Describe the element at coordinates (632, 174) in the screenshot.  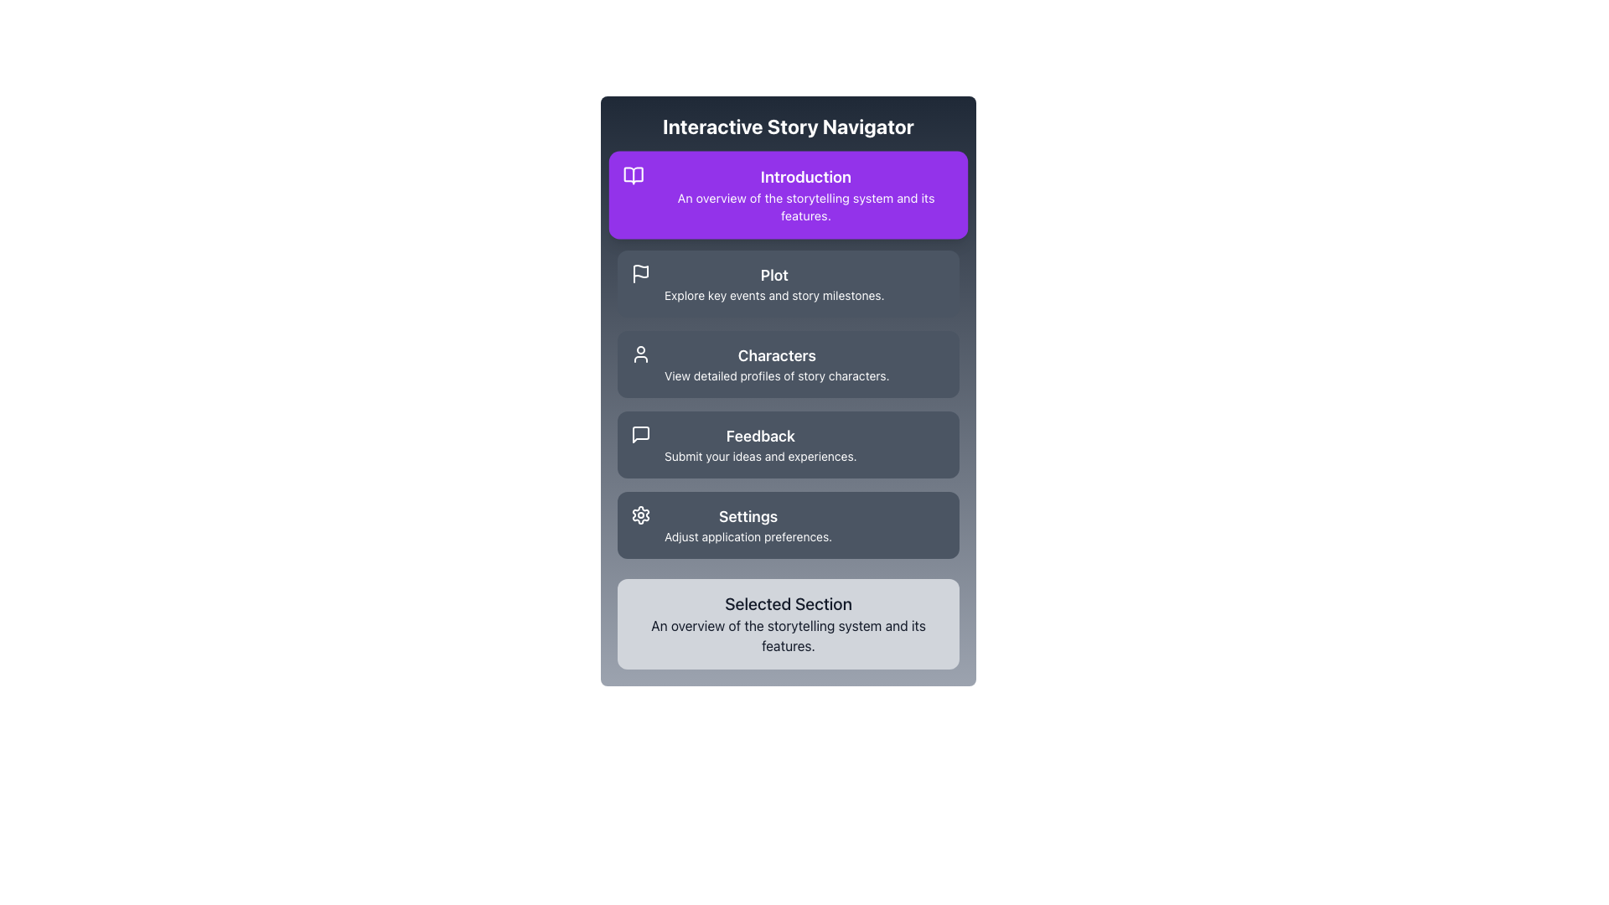
I see `the small book icon outlined in white, located on a purple background to the left of the 'Introduction' text section in the navigation menu` at that location.